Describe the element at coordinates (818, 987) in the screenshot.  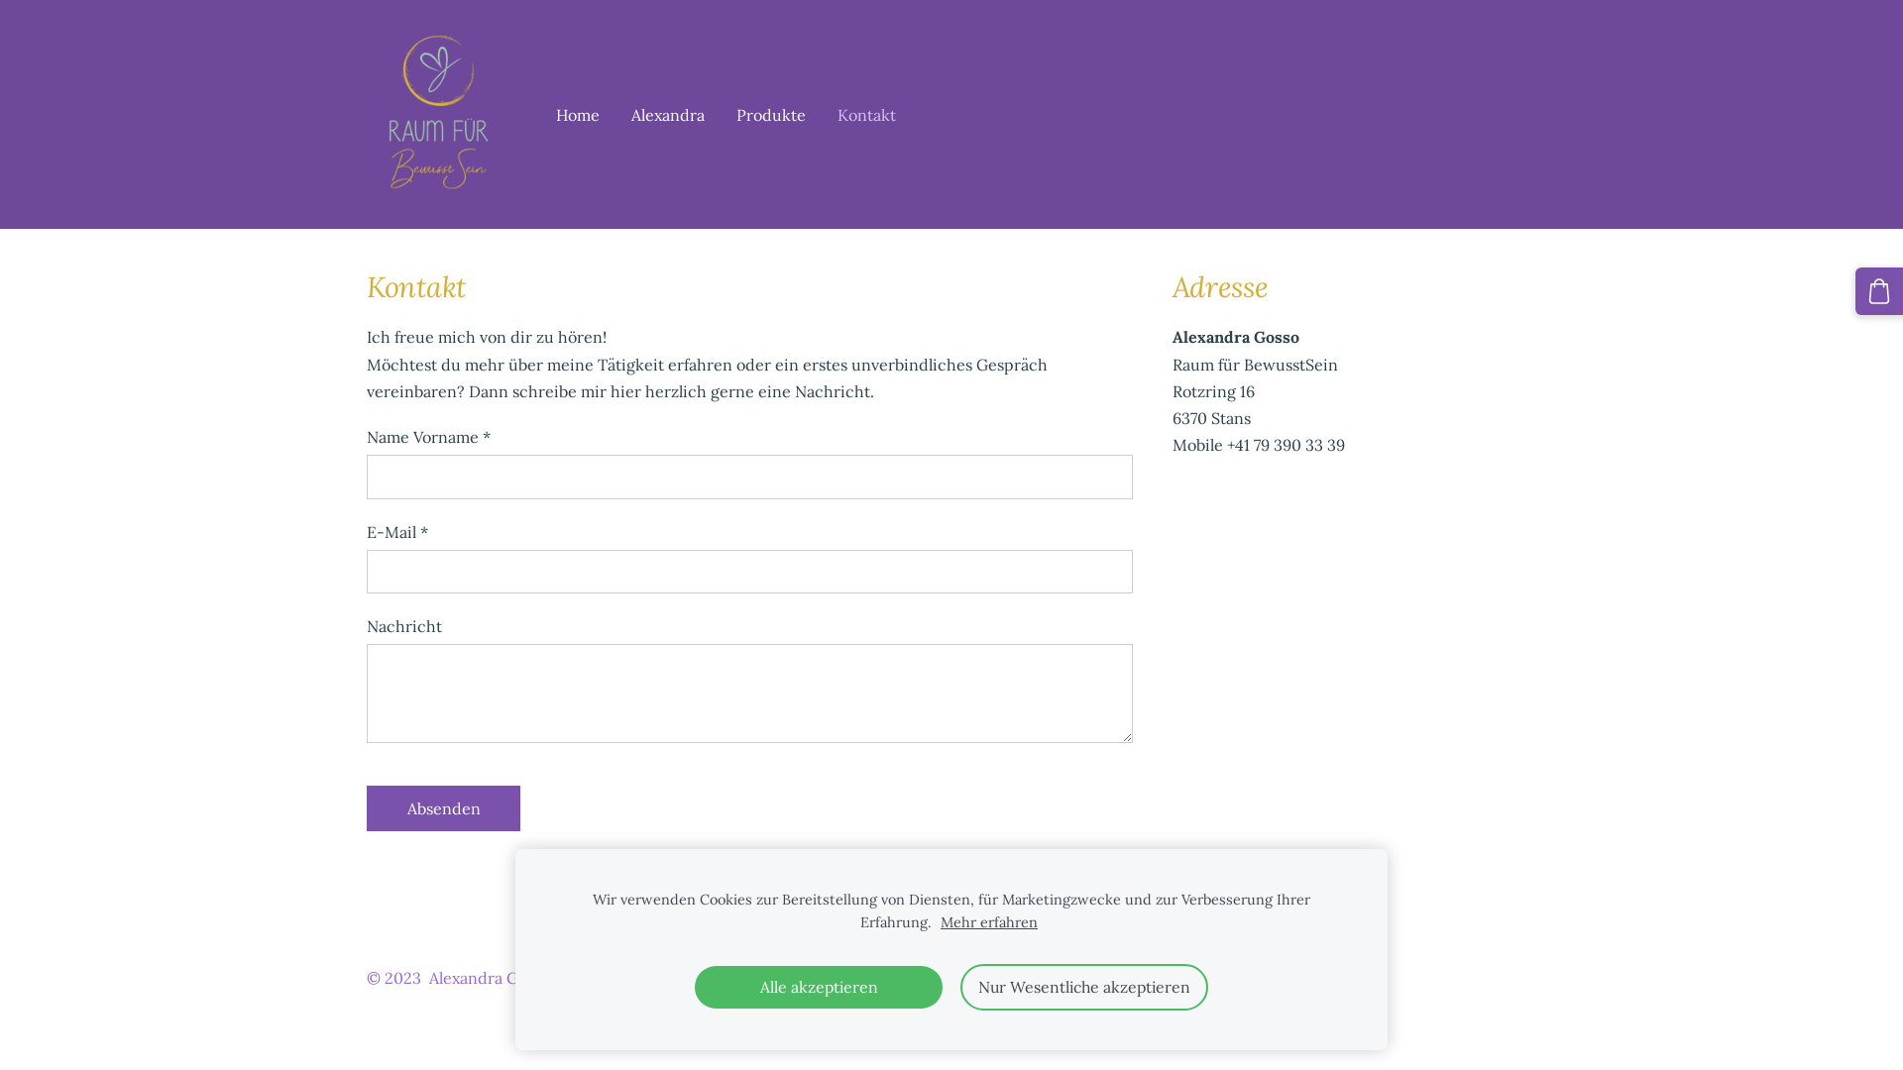
I see `'Alle akzeptieren'` at that location.